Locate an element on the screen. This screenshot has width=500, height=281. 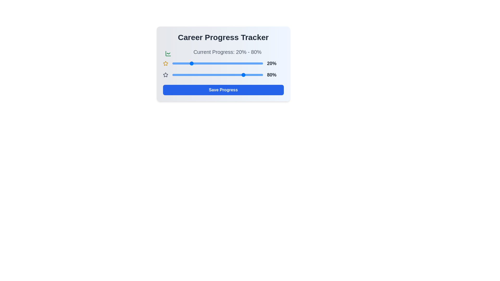
the progress slider for the first value to 26% is located at coordinates (196, 63).